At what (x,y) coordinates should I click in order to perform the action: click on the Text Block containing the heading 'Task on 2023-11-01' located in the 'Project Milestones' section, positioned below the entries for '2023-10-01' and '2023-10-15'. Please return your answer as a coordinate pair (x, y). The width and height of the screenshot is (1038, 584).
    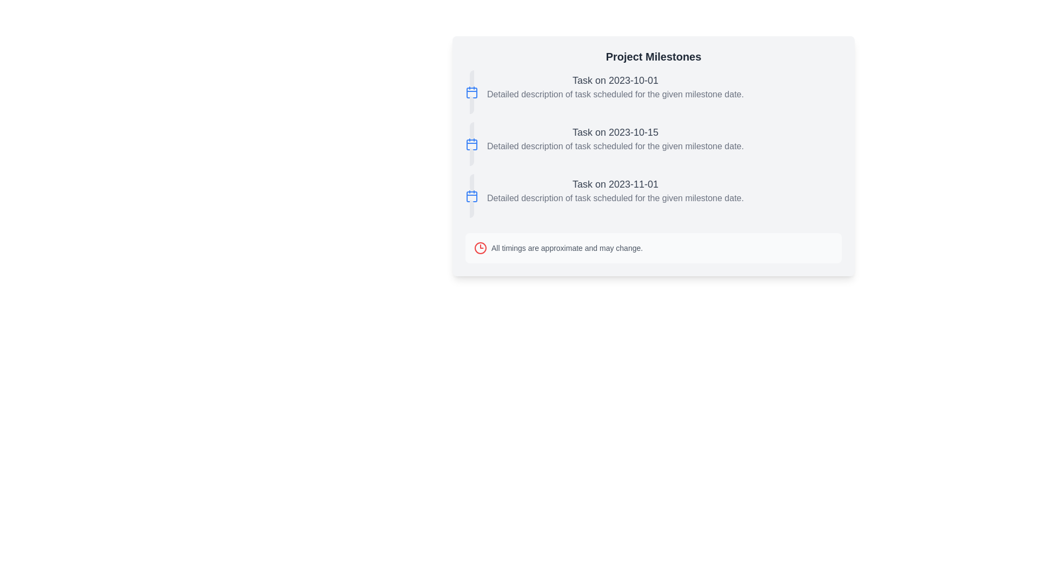
    Looking at the image, I should click on (615, 190).